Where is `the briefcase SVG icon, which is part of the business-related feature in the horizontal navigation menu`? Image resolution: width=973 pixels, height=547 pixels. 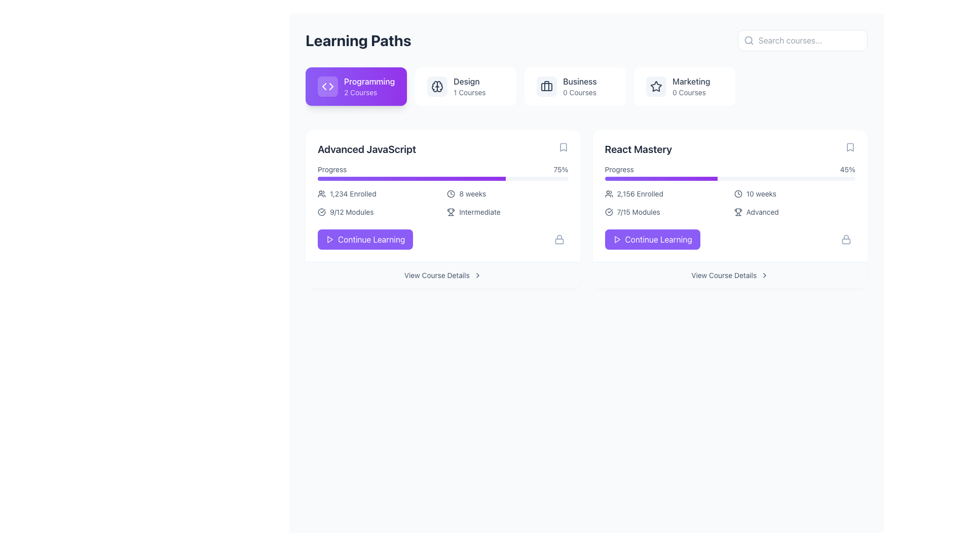 the briefcase SVG icon, which is part of the business-related feature in the horizontal navigation menu is located at coordinates (546, 86).